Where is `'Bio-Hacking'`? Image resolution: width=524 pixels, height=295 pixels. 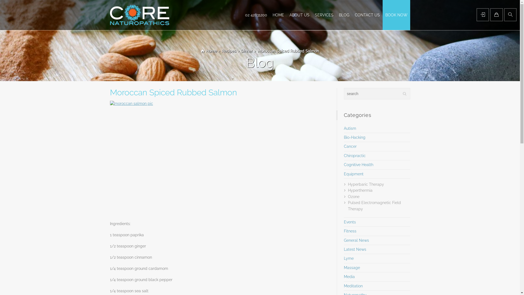
'Bio-Hacking' is located at coordinates (355, 137).